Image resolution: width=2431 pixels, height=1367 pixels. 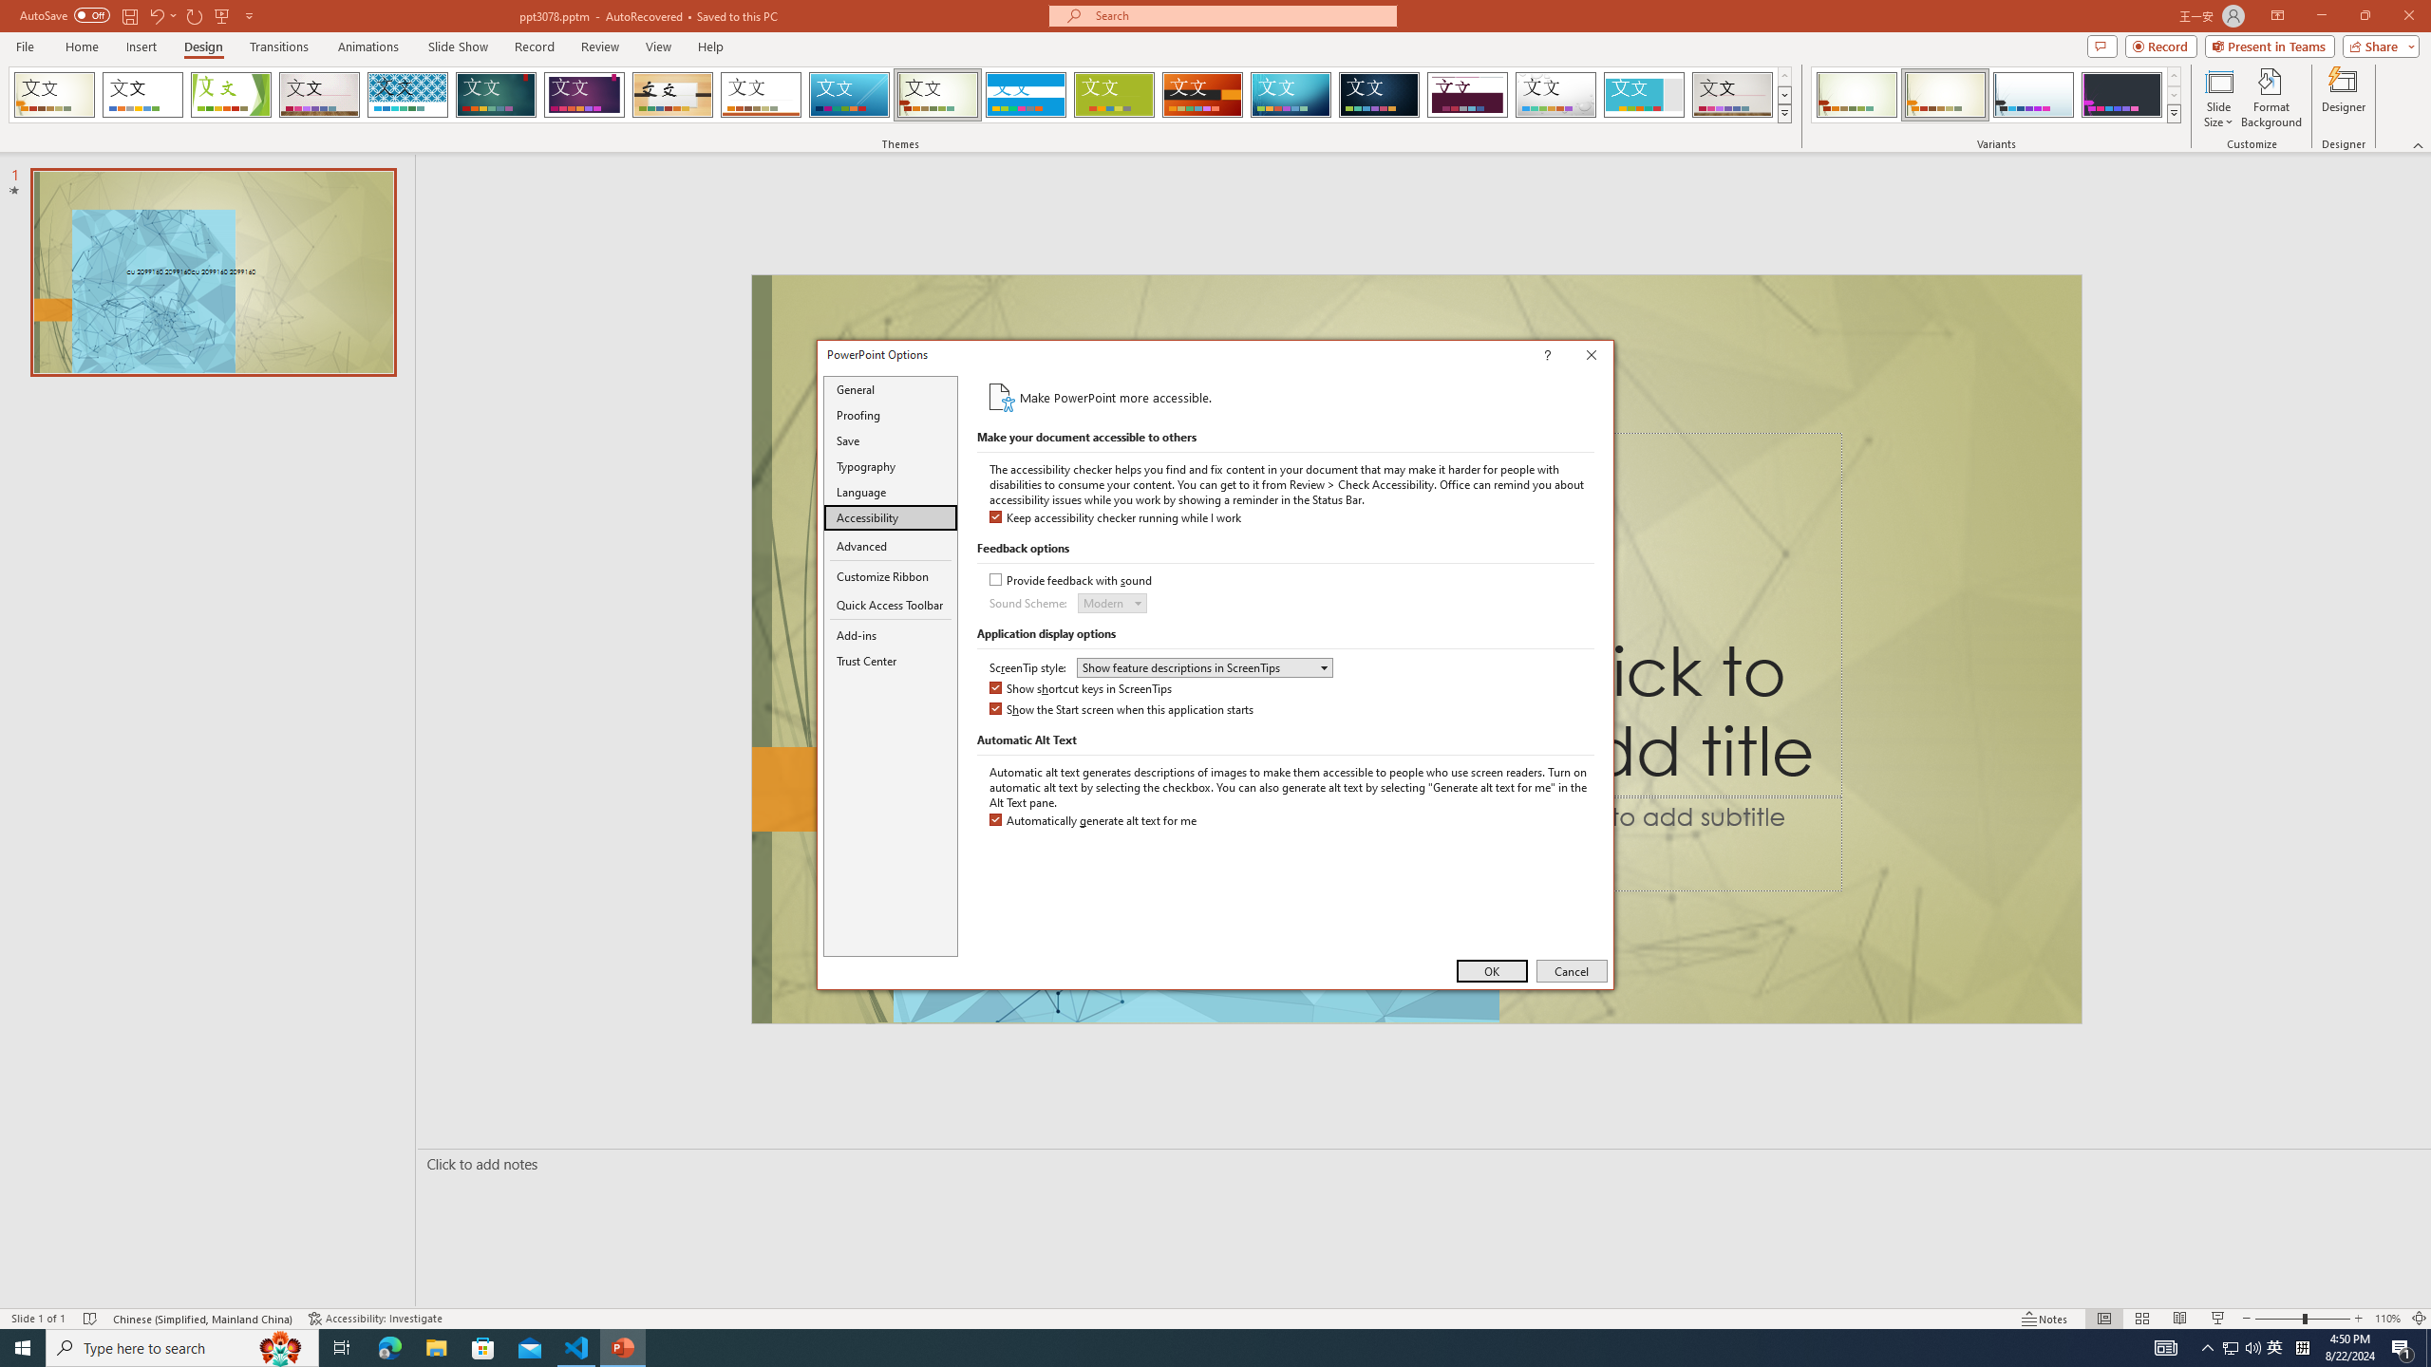 What do you see at coordinates (142, 94) in the screenshot?
I see `'Office Theme'` at bounding box center [142, 94].